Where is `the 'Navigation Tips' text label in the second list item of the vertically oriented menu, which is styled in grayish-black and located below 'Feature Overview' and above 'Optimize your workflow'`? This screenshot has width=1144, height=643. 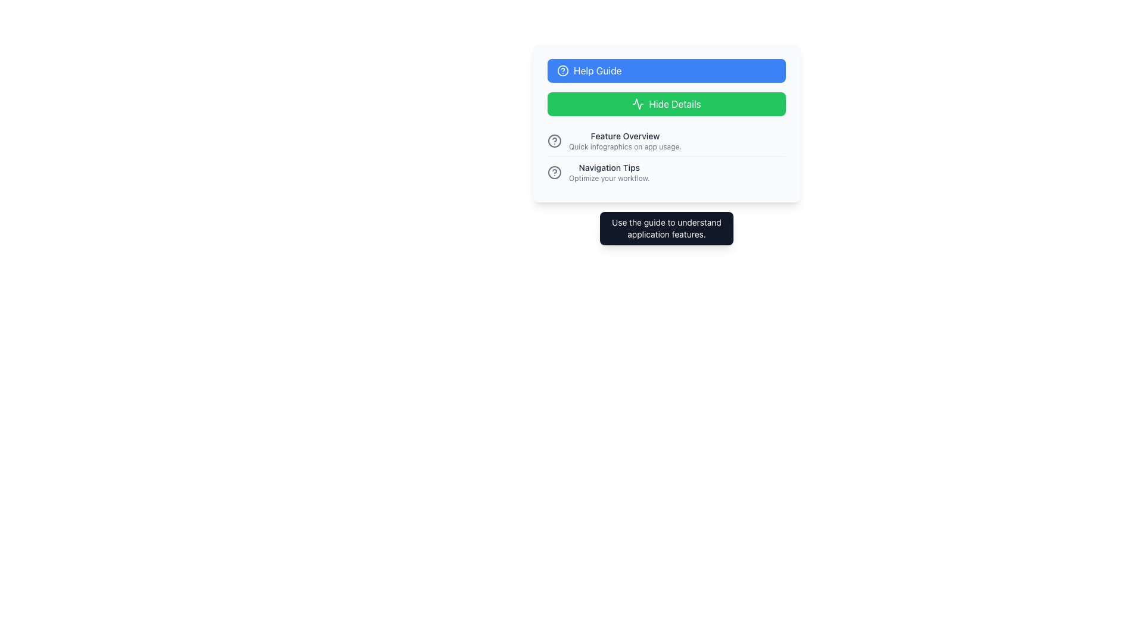
the 'Navigation Tips' text label in the second list item of the vertically oriented menu, which is styled in grayish-black and located below 'Feature Overview' and above 'Optimize your workflow' is located at coordinates (609, 167).